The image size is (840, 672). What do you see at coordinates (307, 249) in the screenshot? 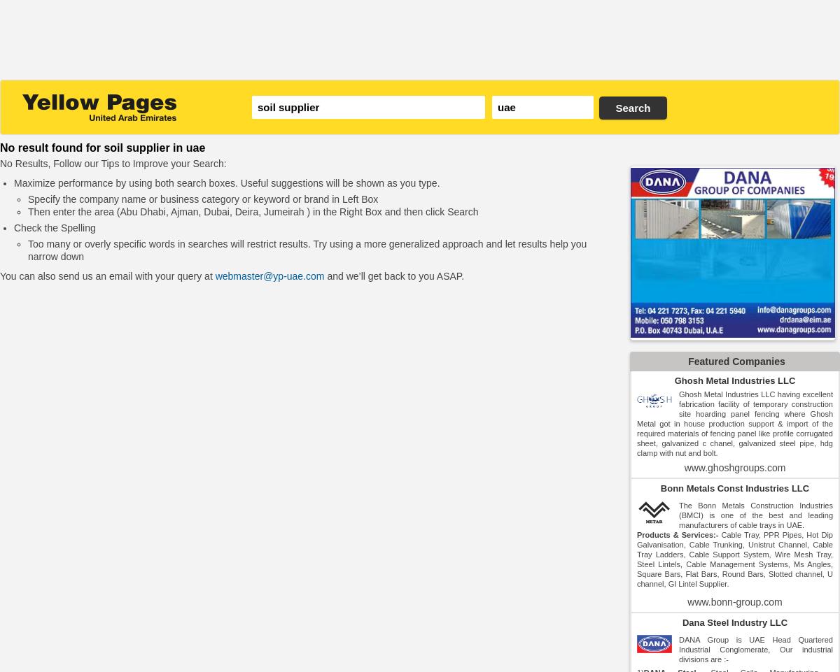
I see `'Too many or overly specific words in searches will restrict results. Try using a more generalized approach and let results help you narrow down'` at bounding box center [307, 249].